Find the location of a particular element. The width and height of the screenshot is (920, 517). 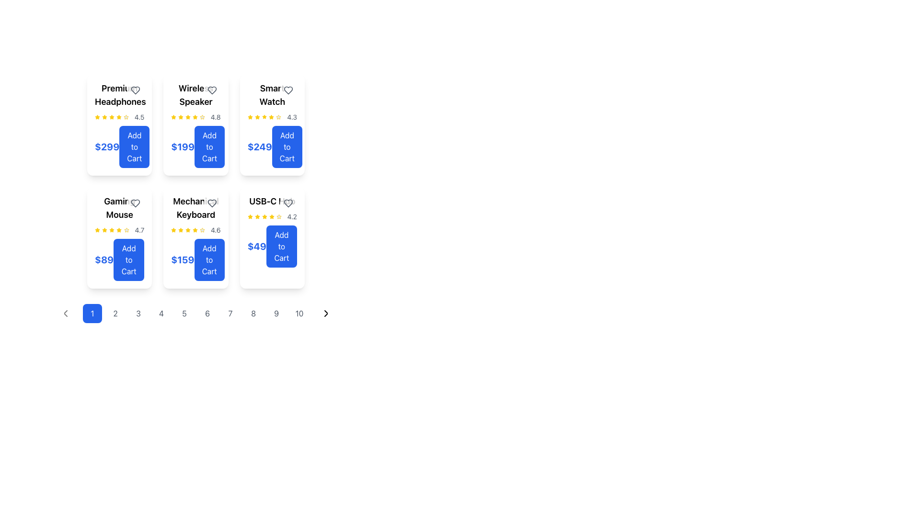

the sixth star icon in the horizontal row of rating stars for the 'Wireless Speaker' product, which indicates the unrated portion of the rating score is located at coordinates (202, 117).